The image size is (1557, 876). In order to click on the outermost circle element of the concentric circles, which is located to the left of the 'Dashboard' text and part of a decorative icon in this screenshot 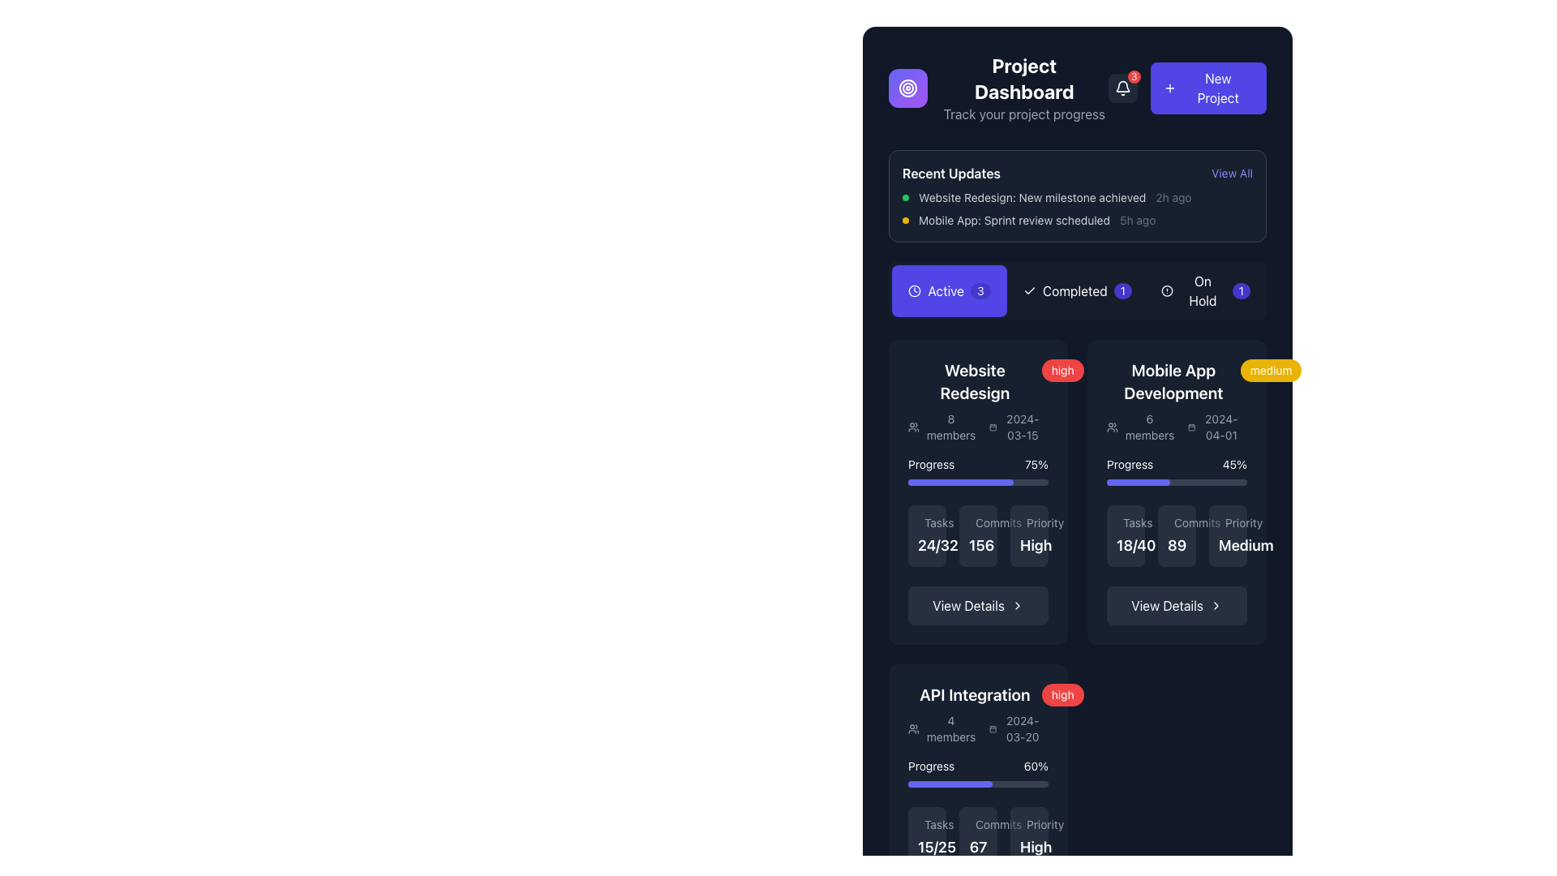, I will do `click(907, 88)`.